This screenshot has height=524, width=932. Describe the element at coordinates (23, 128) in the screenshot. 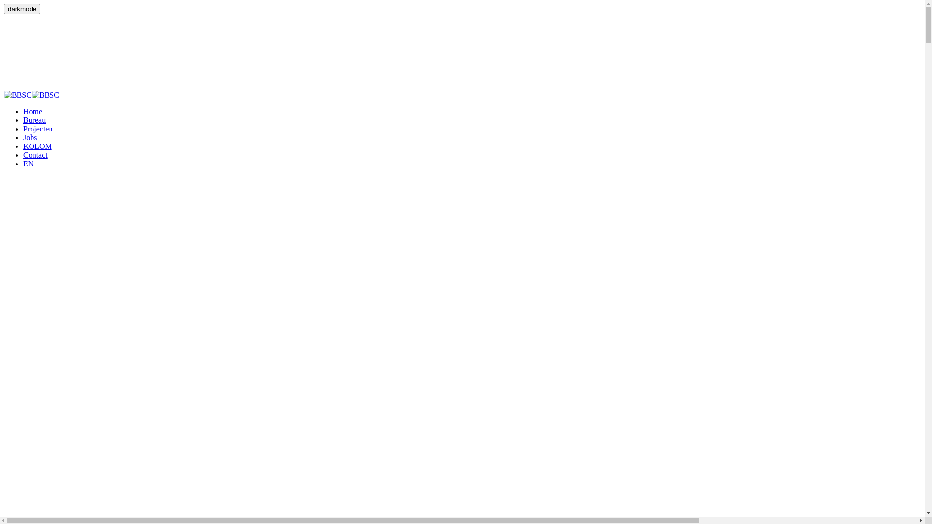

I see `'Projecten'` at that location.